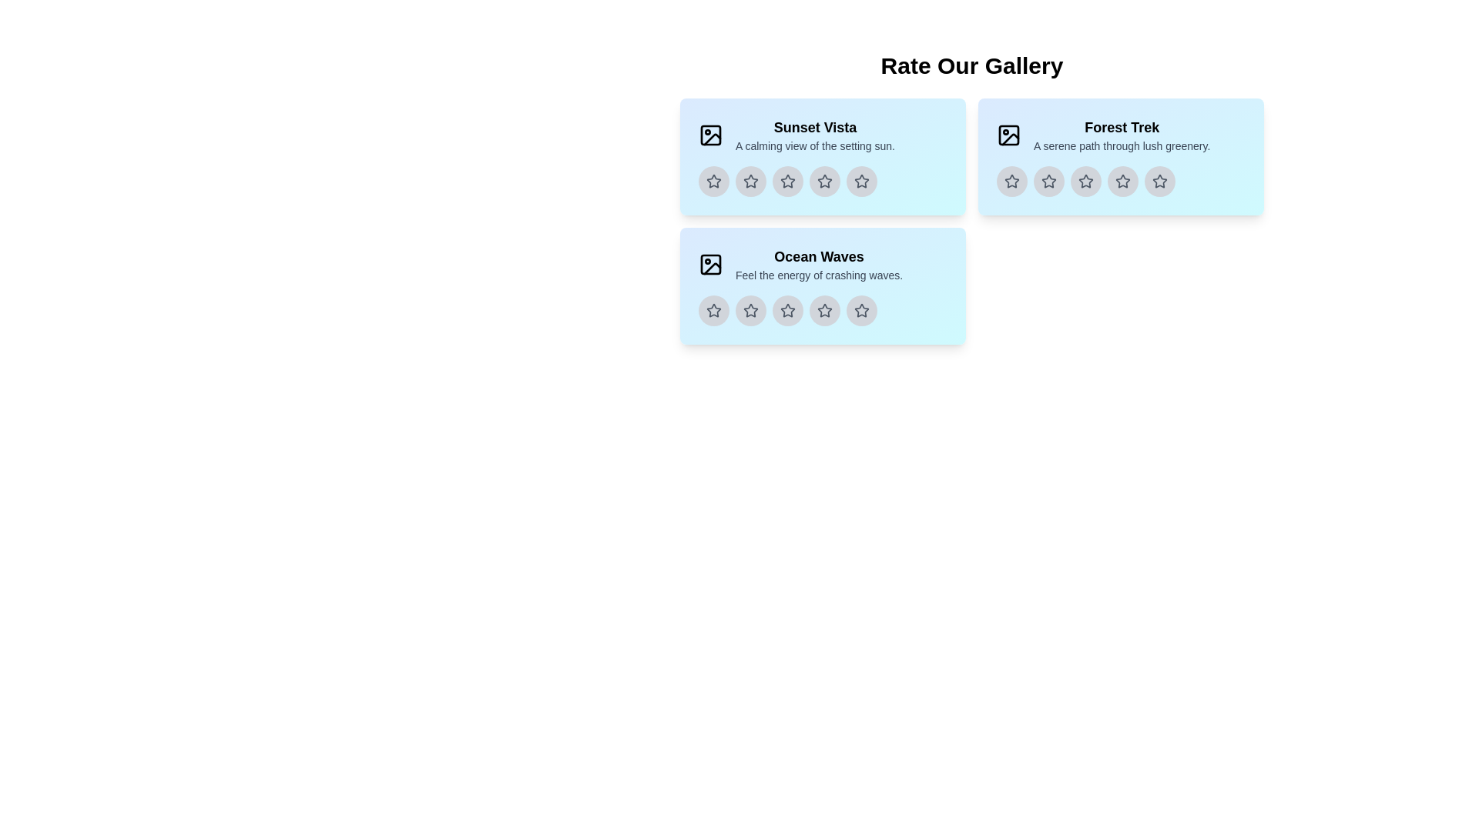 The image size is (1479, 831). Describe the element at coordinates (1122, 145) in the screenshot. I see `the descriptive text label providing additional information about the 'Forest Trek' topic, located below its heading in the rightmost card of the grid arrangement` at that location.